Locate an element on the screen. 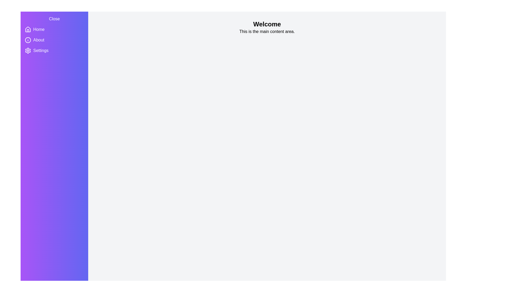 The height and width of the screenshot is (285, 507). the button labeled 'Close' at the top of the drawer to toggle its state is located at coordinates (54, 19).